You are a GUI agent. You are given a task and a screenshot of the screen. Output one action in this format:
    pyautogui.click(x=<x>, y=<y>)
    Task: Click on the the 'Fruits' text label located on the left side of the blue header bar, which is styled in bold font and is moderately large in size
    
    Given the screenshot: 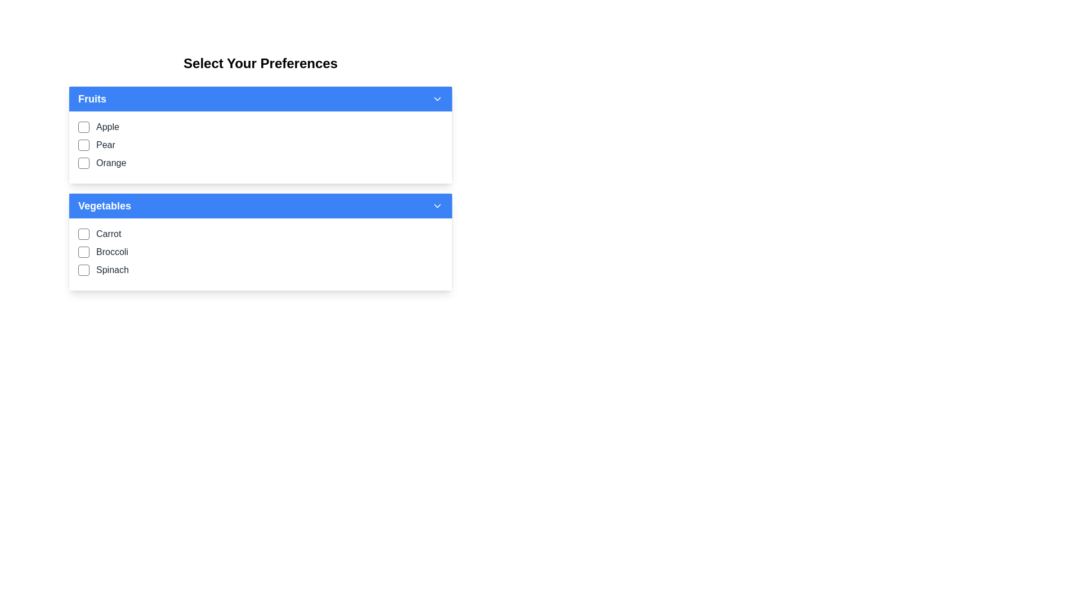 What is the action you would take?
    pyautogui.click(x=92, y=99)
    